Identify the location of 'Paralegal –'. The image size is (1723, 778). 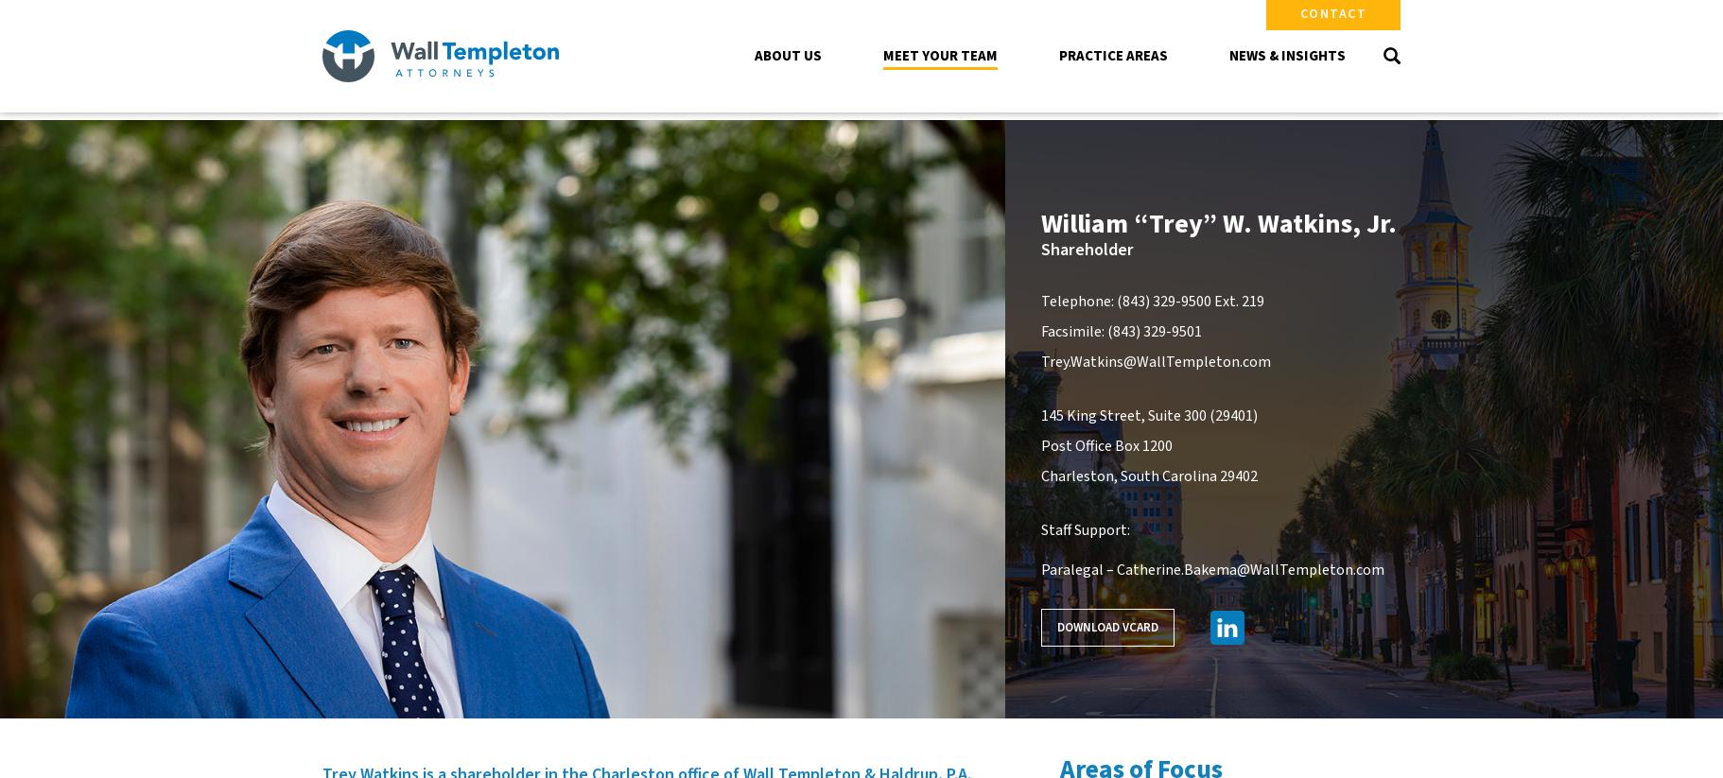
(1077, 568).